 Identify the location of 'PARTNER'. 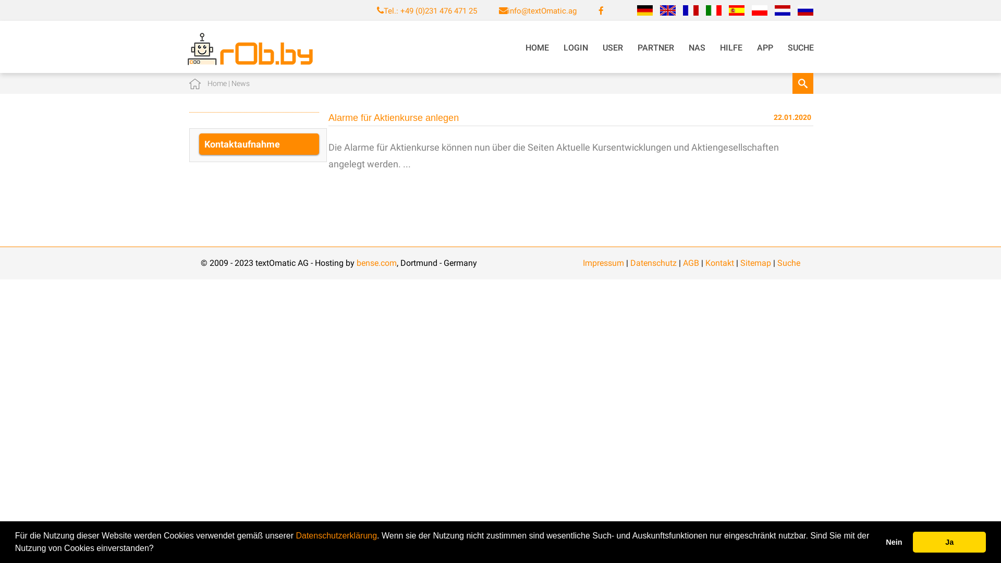
(655, 47).